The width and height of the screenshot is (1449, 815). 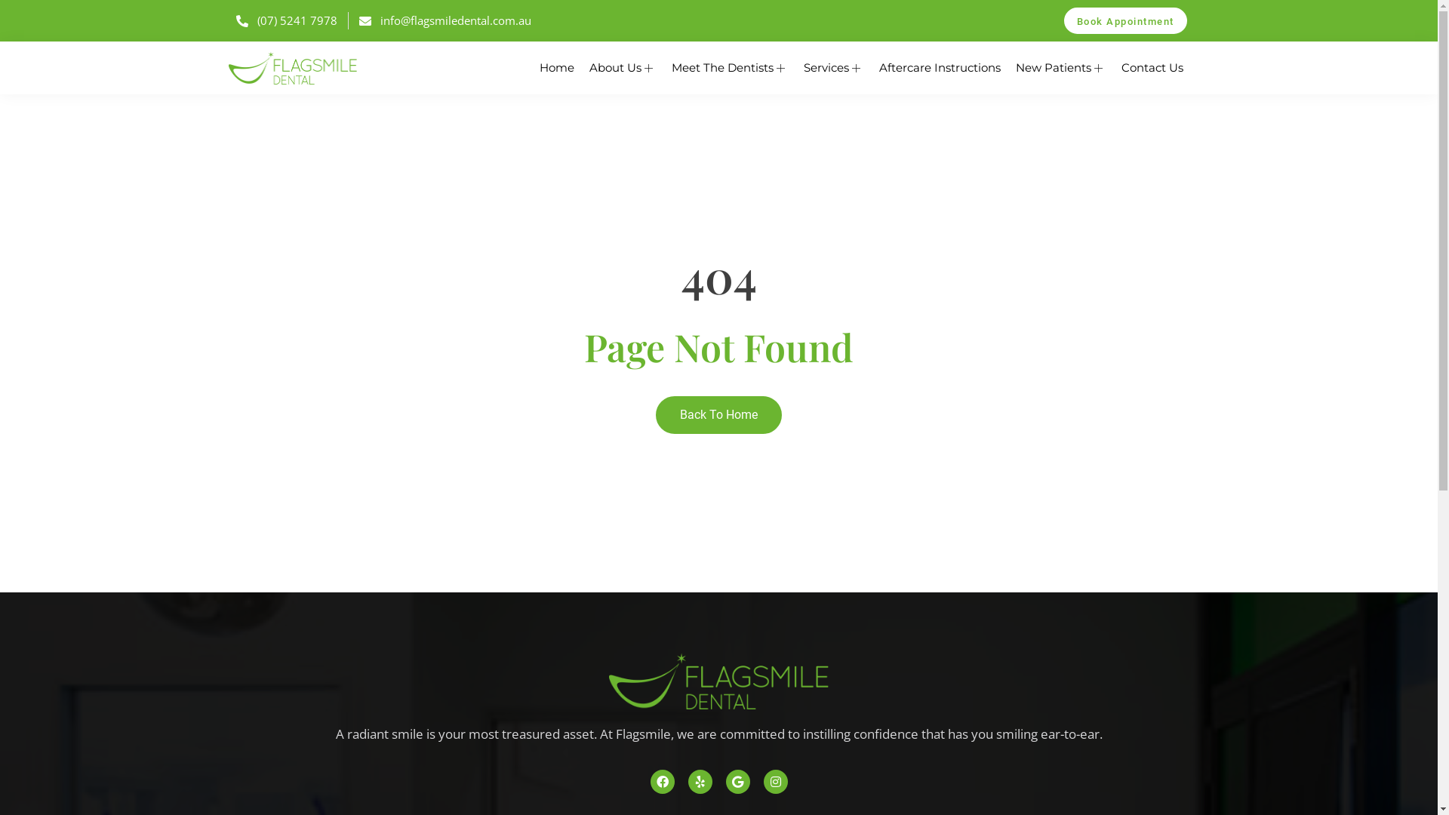 I want to click on 'Services', so click(x=832, y=66).